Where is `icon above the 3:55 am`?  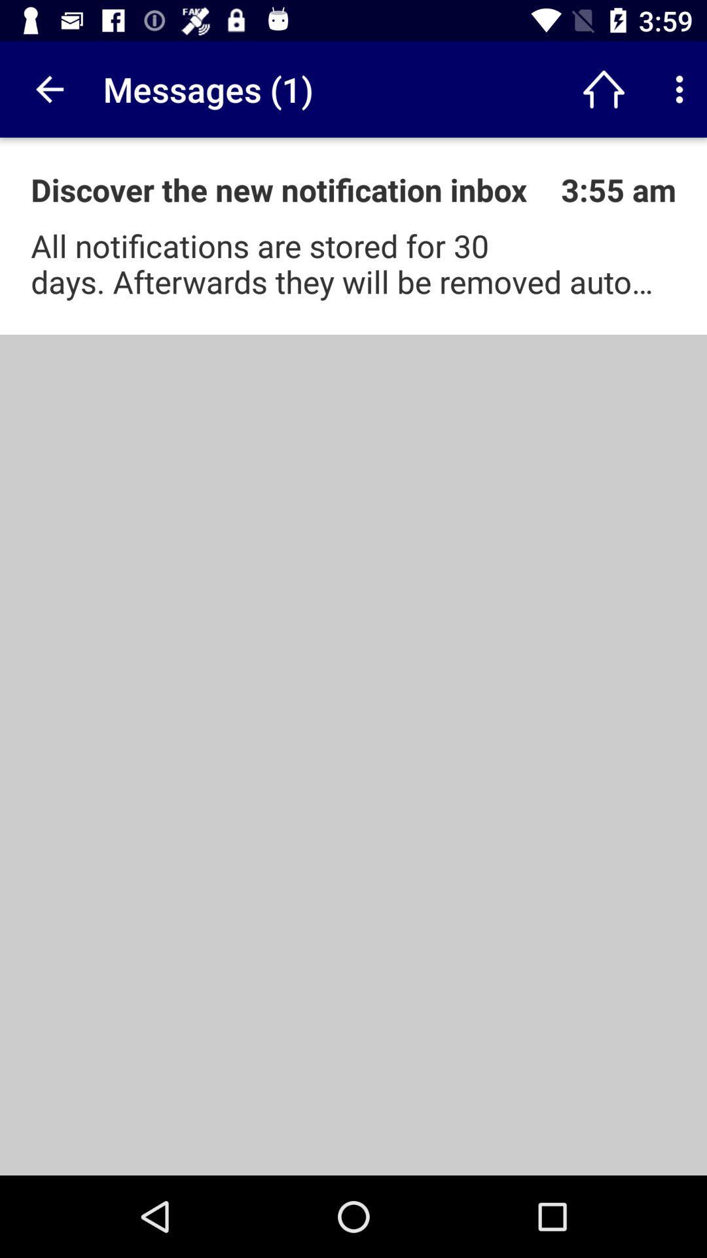
icon above the 3:55 am is located at coordinates (678, 88).